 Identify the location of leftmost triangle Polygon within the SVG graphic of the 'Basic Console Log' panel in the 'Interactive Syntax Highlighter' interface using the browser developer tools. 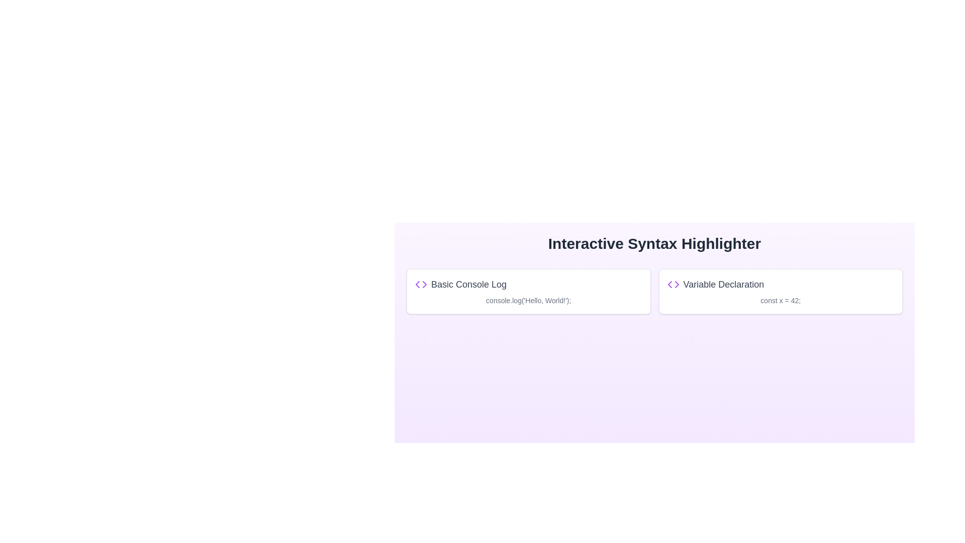
(417, 285).